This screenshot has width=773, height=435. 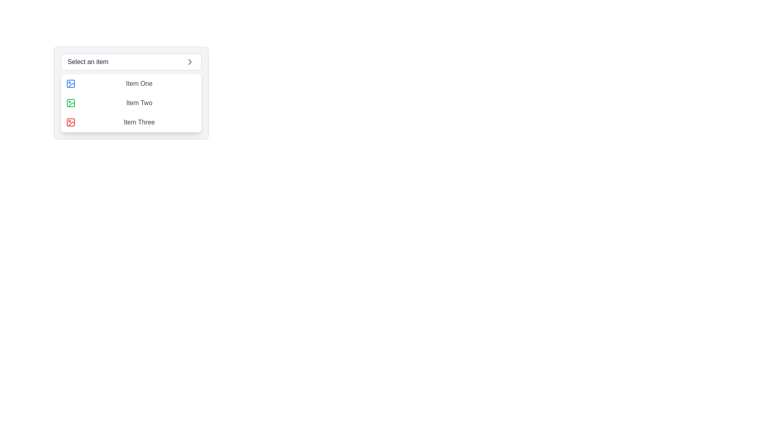 I want to click on the text label displaying 'Item One' in the dropdown menu, so click(x=139, y=84).